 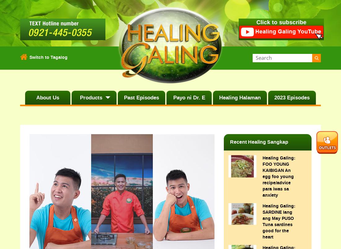 What do you see at coordinates (292, 97) in the screenshot?
I see `'2023 Episodes'` at bounding box center [292, 97].